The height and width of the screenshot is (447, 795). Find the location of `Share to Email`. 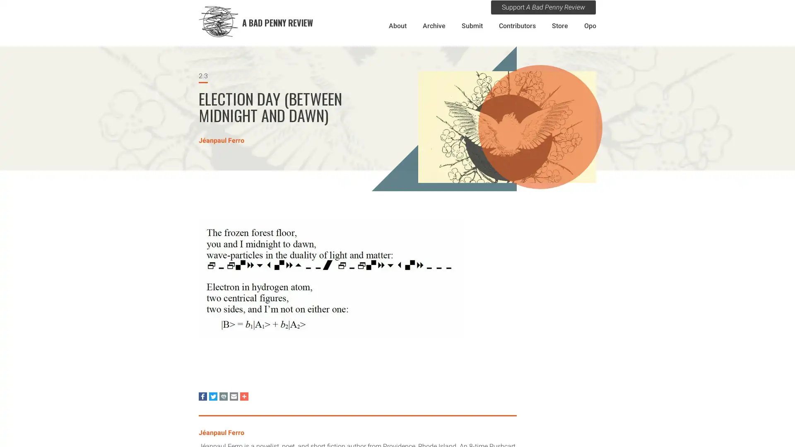

Share to Email is located at coordinates (234, 396).